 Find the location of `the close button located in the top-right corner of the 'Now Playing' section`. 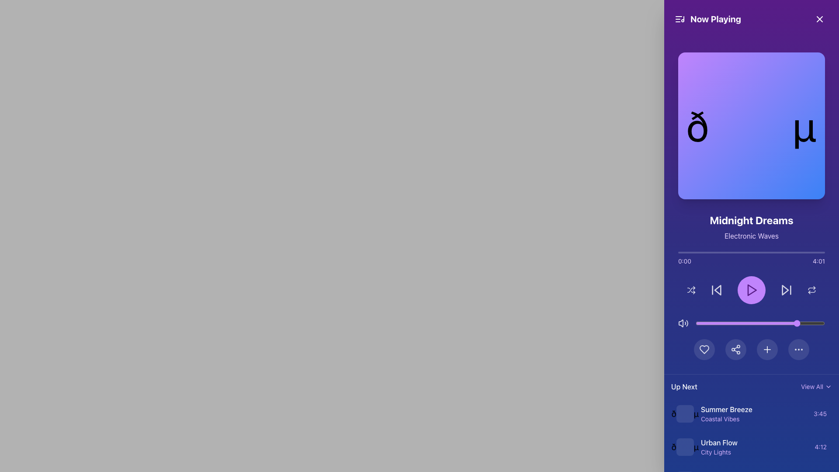

the close button located in the top-right corner of the 'Now Playing' section is located at coordinates (819, 19).